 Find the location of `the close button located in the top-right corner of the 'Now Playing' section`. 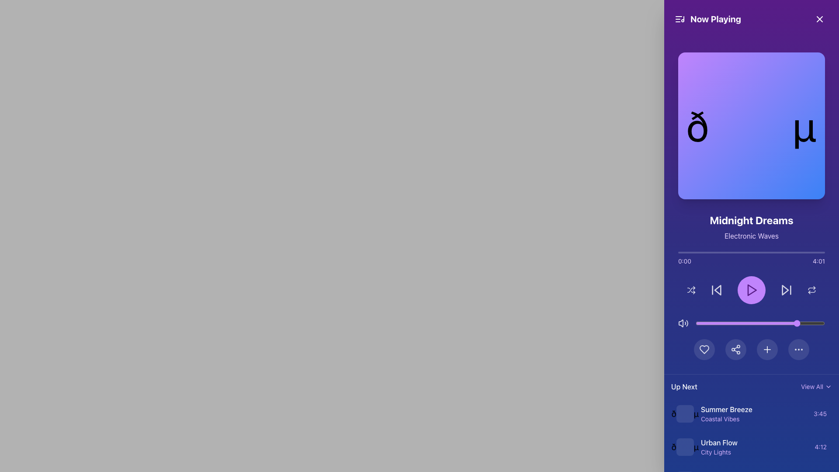

the close button located in the top-right corner of the 'Now Playing' section is located at coordinates (819, 19).